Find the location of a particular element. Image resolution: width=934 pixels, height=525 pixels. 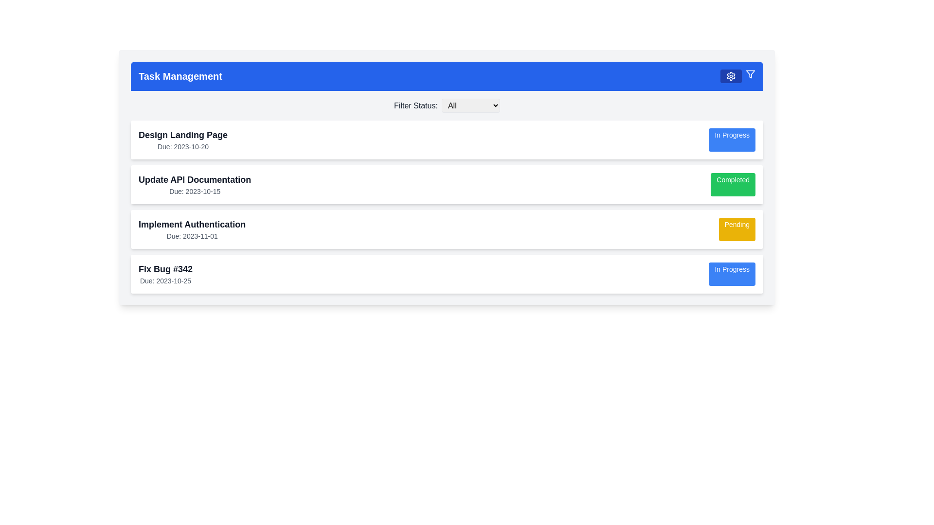

text label displaying the title of the task 'Implement Authentication', which is the third task in a vertical sequence of tasks is located at coordinates (192, 225).